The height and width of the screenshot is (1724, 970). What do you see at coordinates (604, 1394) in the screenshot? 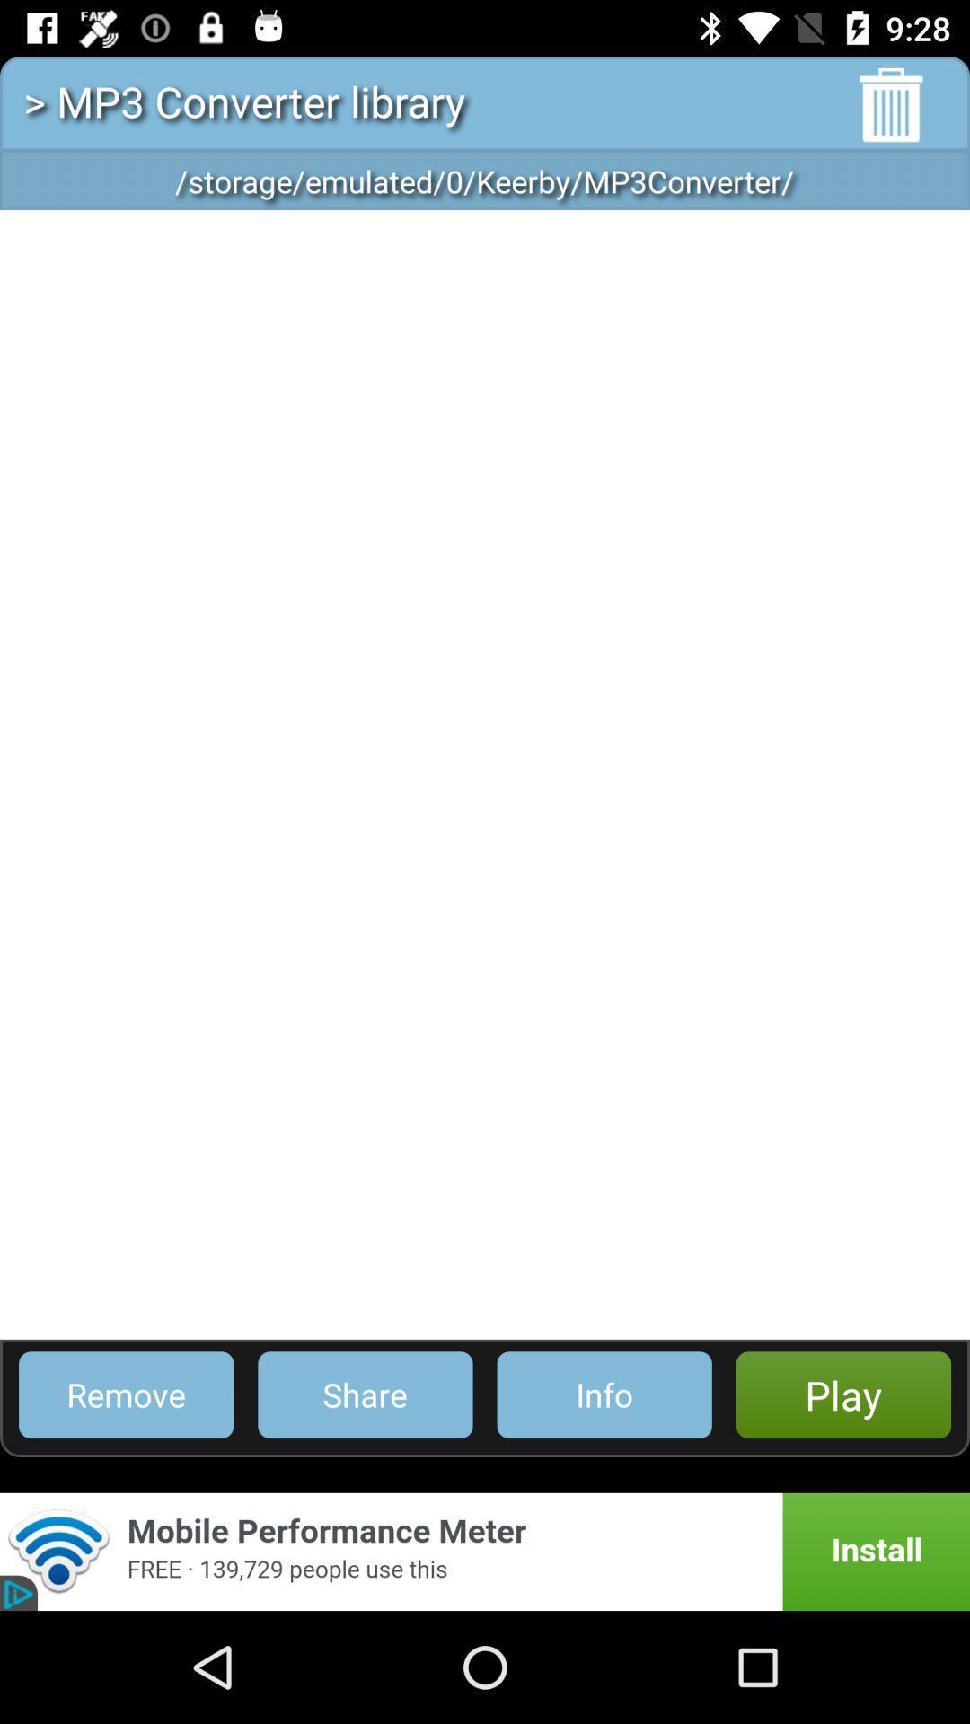
I see `info app` at bounding box center [604, 1394].